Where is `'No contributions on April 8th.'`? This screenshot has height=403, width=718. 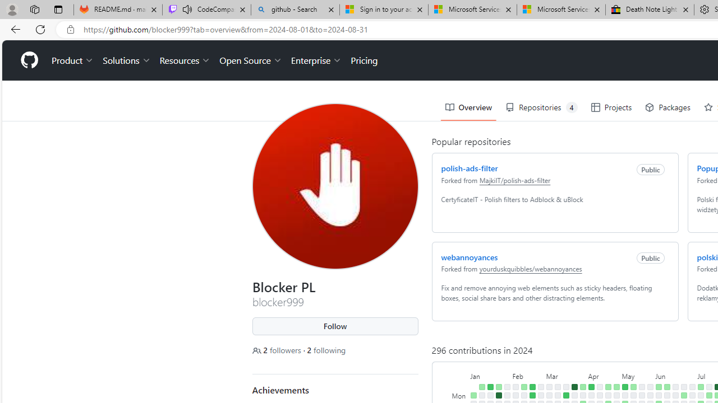
'No contributions on April 8th.' is located at coordinates (591, 395).